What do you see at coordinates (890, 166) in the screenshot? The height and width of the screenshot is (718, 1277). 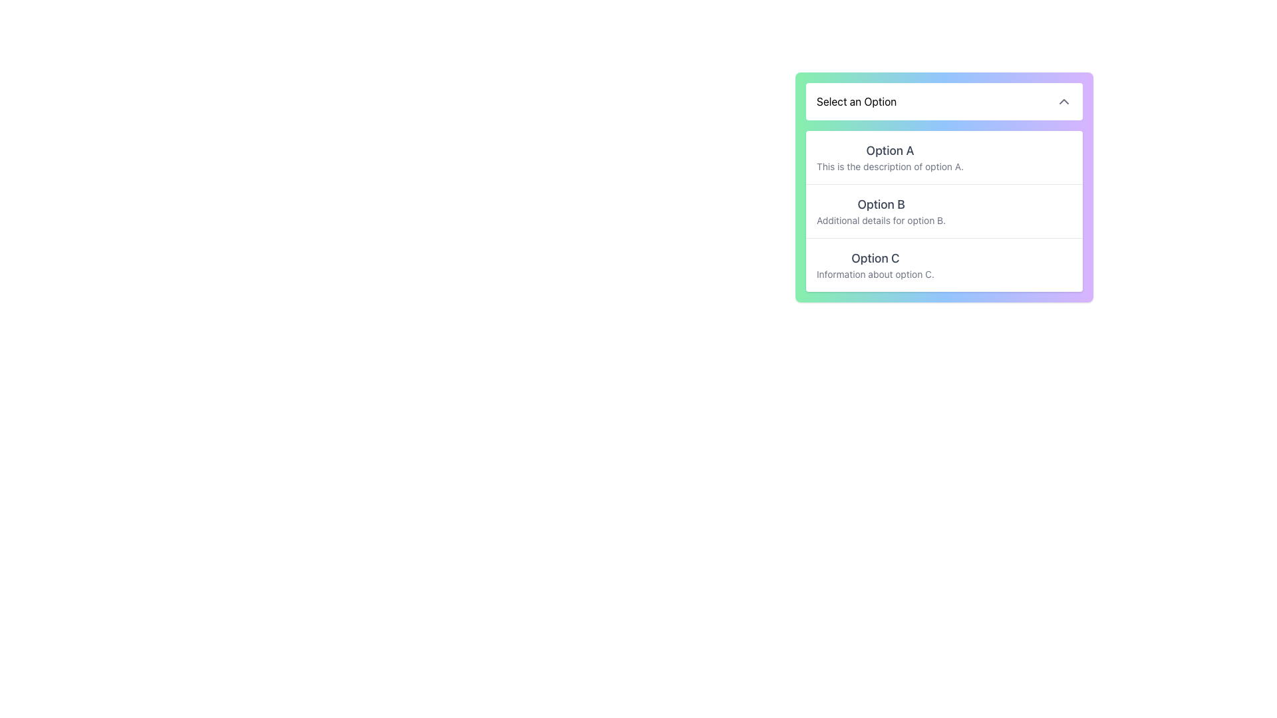 I see `the small gray text label that reads 'This is the description of option A.' located beneath the text 'Option A' in the option selection dropdown menu` at bounding box center [890, 166].